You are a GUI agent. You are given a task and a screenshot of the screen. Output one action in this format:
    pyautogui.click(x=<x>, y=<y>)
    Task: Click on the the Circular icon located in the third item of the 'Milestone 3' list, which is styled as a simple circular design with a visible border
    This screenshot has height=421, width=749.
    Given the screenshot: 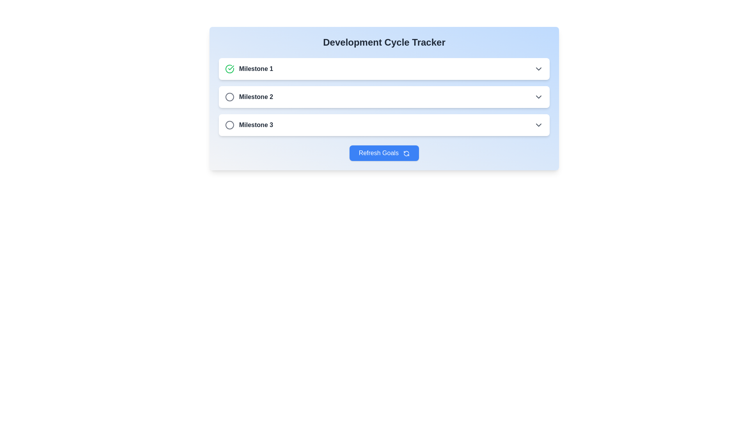 What is the action you would take?
    pyautogui.click(x=229, y=124)
    